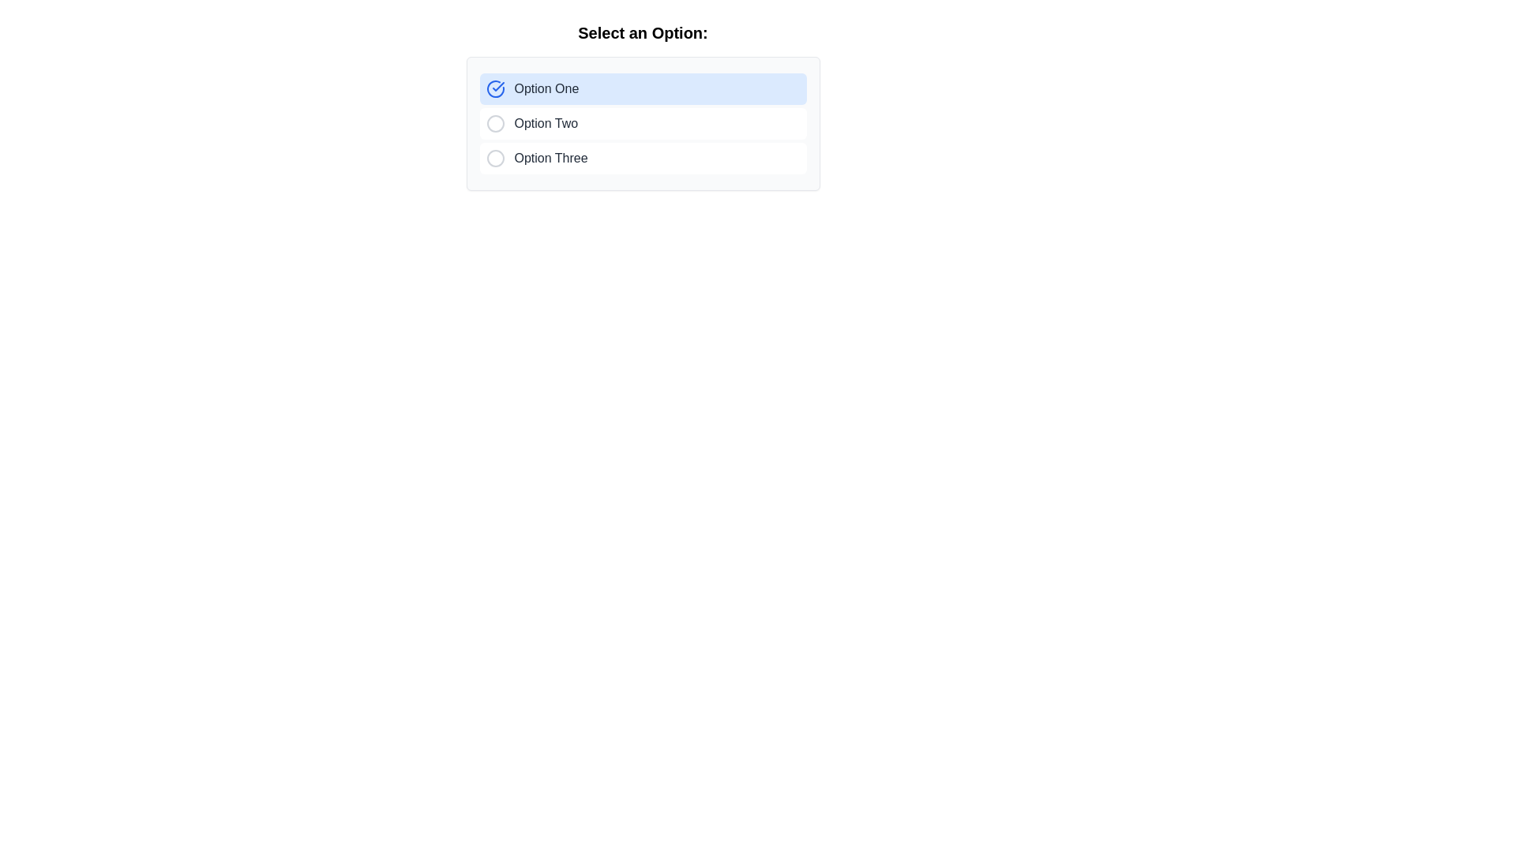  What do you see at coordinates (643, 123) in the screenshot?
I see `the second option in the radio button group, which is visually represented as a vertically stacked list of three selectable options with a gray background and a highlighted selection in blue` at bounding box center [643, 123].